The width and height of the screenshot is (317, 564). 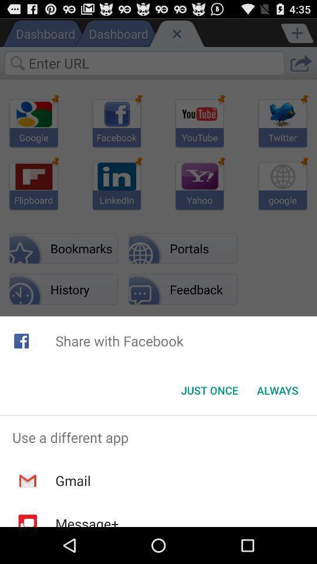 I want to click on always icon, so click(x=277, y=390).